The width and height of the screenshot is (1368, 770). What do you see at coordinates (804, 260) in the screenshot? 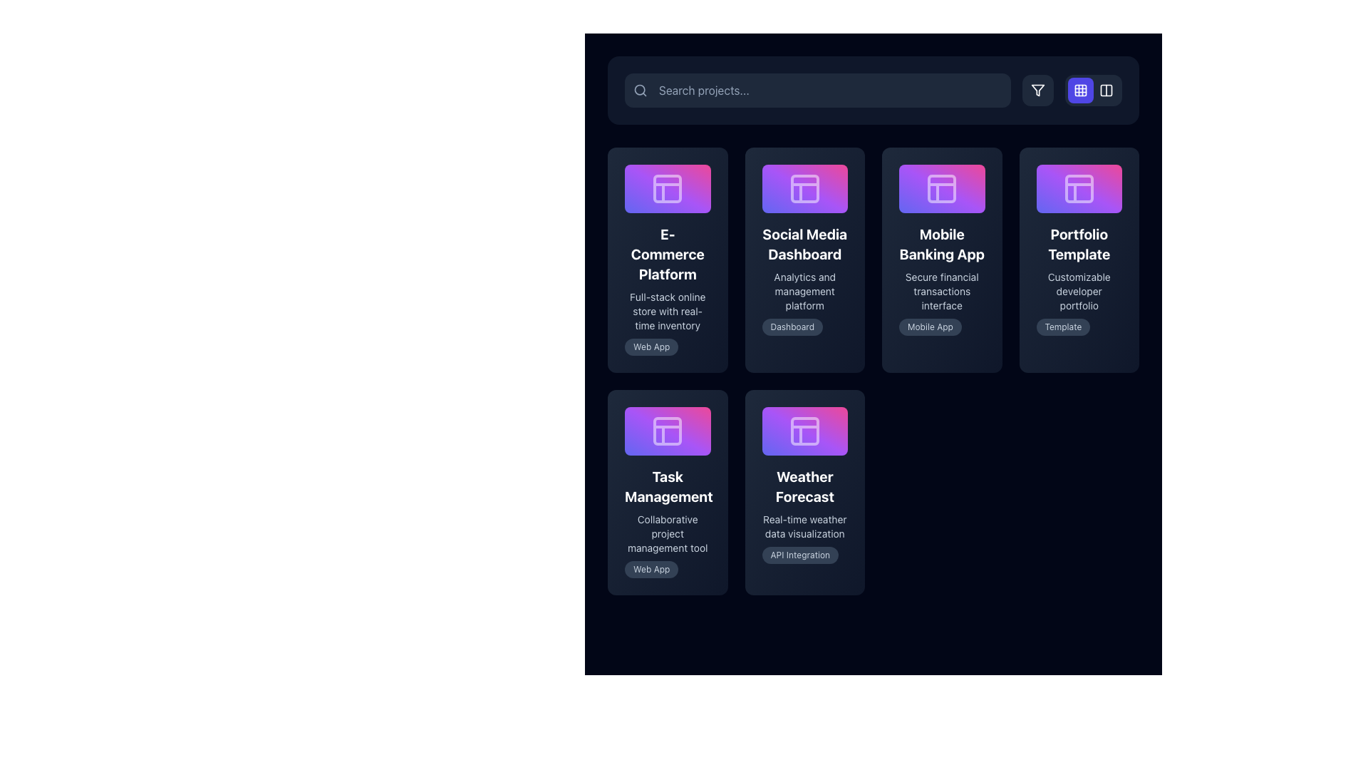
I see `the second Interactive Card in the first row of the dashboard interface` at bounding box center [804, 260].